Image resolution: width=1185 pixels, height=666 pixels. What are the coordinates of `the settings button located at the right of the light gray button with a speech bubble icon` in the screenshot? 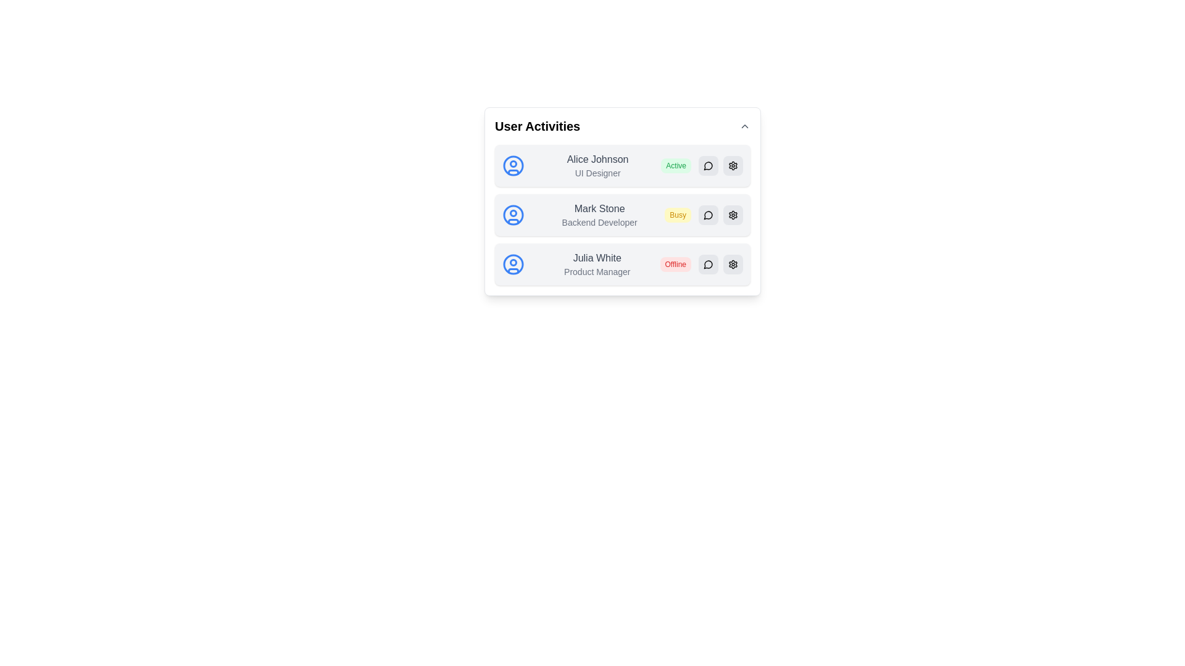 It's located at (733, 165).